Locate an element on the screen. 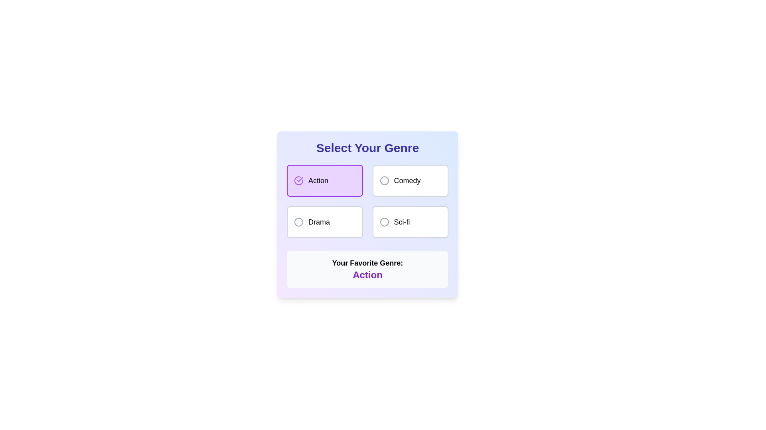 The height and width of the screenshot is (430, 766). the unselected radio button indicator (SVG circle) in the Sci-fi genre selection area is located at coordinates (384, 222).